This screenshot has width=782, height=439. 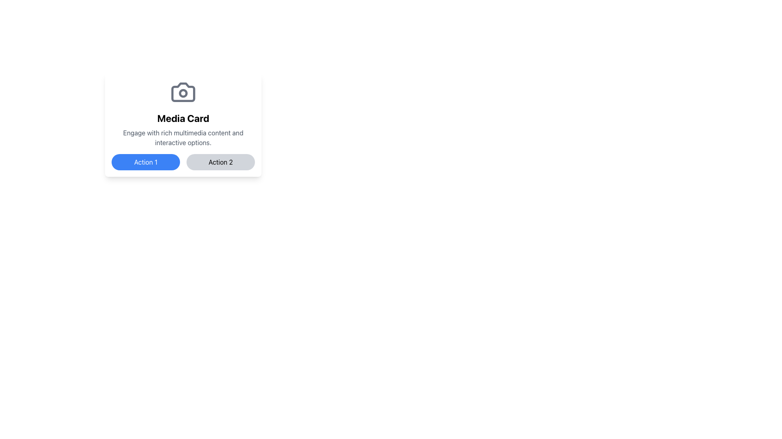 What do you see at coordinates (221, 162) in the screenshot?
I see `the 'Action 2' button located to the right of the 'Action 1' button at the bottom of the card interface` at bounding box center [221, 162].